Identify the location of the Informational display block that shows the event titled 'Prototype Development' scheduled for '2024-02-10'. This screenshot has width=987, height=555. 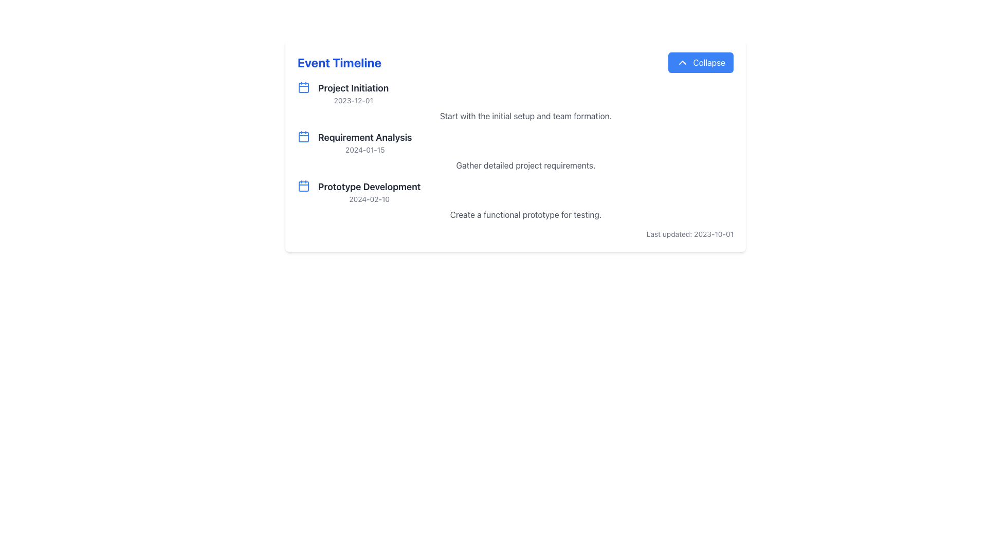
(516, 192).